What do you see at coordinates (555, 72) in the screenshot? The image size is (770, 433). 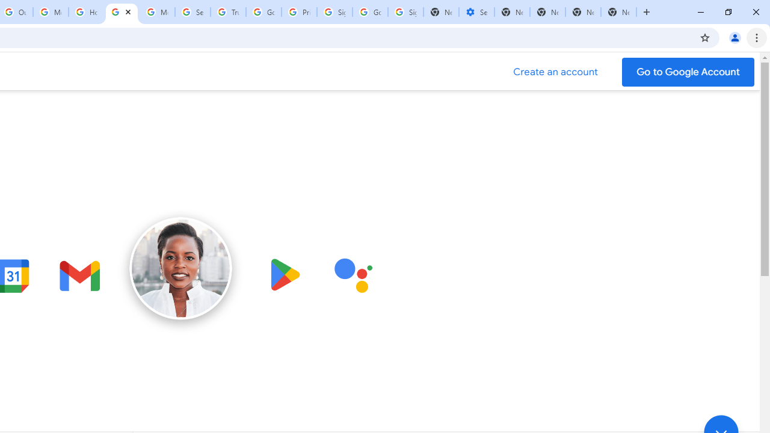 I see `'Create a Google Account'` at bounding box center [555, 72].